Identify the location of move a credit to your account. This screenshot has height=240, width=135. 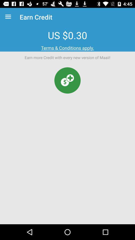
(67, 80).